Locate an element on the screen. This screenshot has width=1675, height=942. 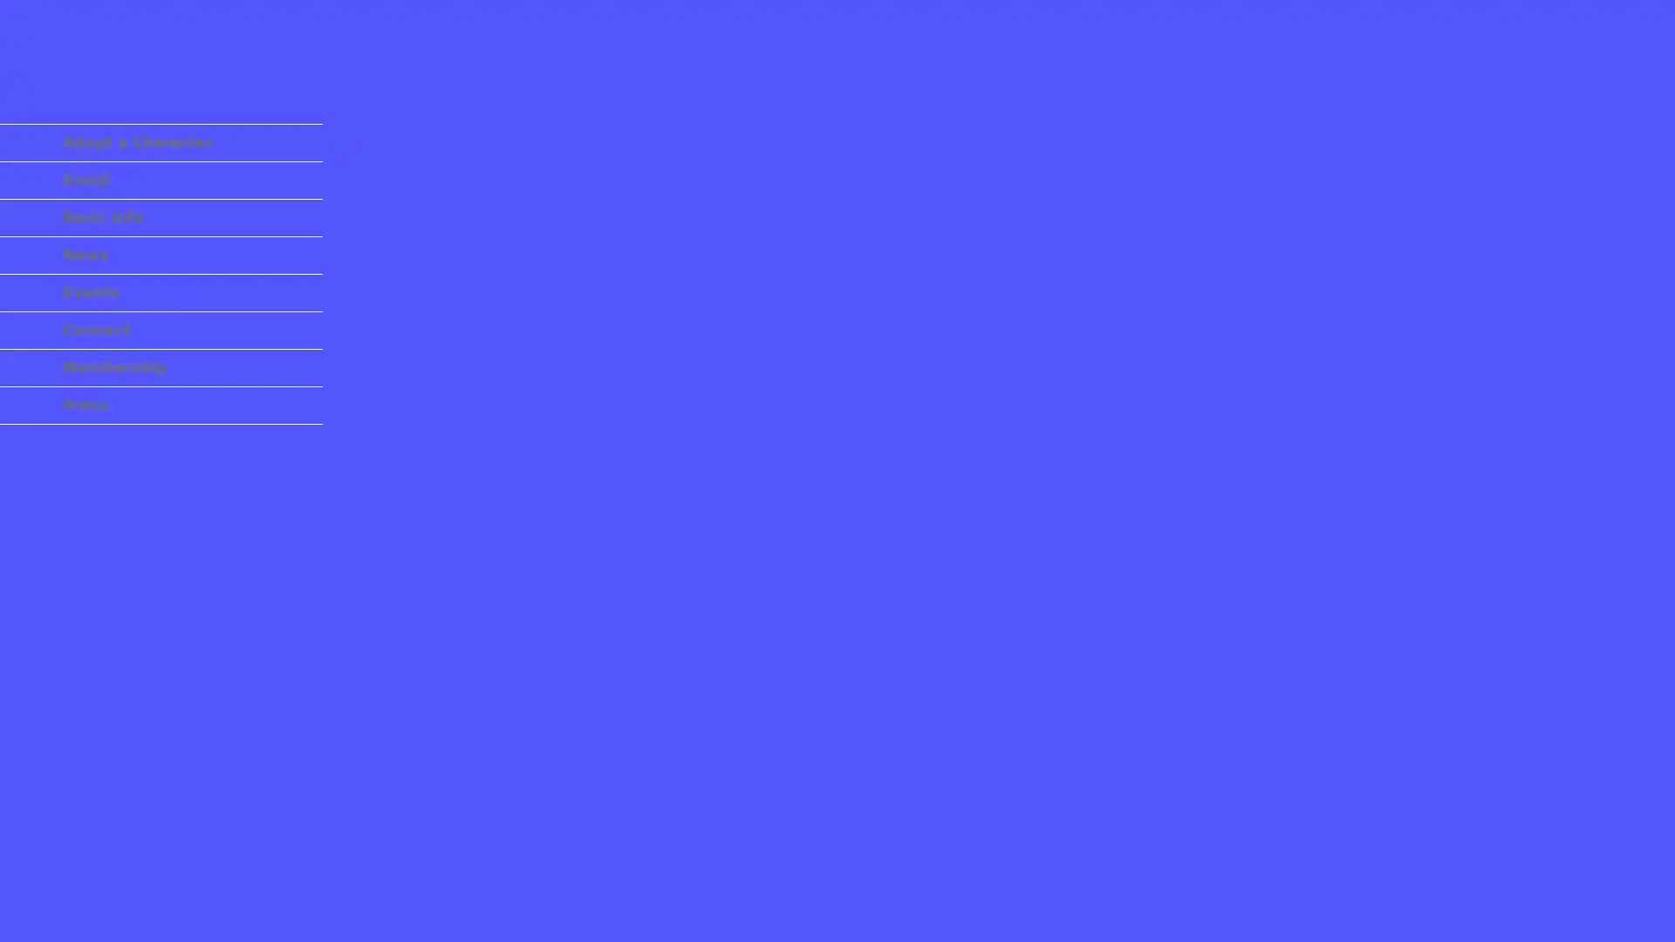
U+2033 is located at coordinates (1475, 336).